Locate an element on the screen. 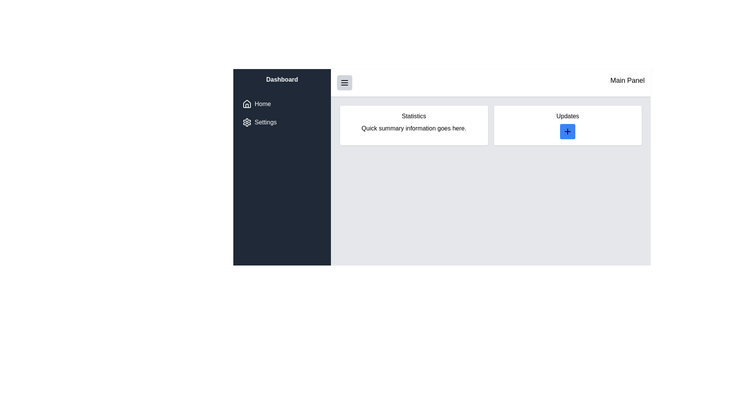 The height and width of the screenshot is (412, 732). the house icon with white strokes on a navy blue background located in the left-side navigation panel before the 'Home' label is located at coordinates (247, 104).